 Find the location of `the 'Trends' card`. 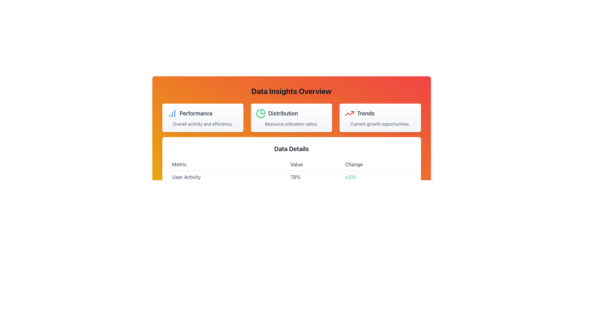

the 'Trends' card is located at coordinates (380, 118).